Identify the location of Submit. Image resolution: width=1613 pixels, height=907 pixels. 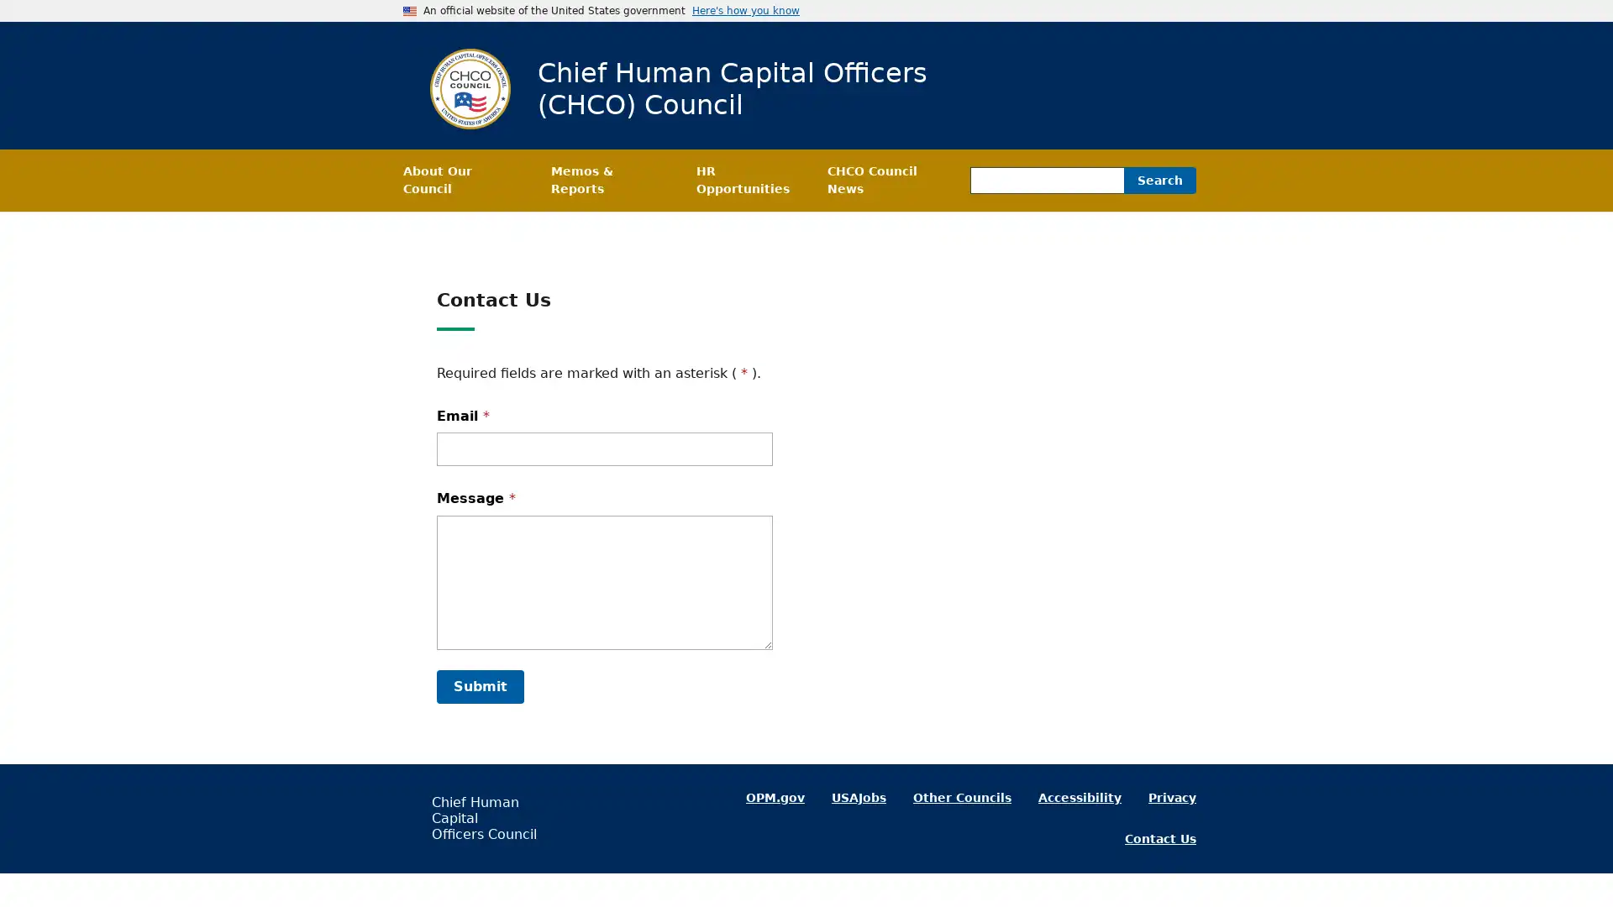
(479, 686).